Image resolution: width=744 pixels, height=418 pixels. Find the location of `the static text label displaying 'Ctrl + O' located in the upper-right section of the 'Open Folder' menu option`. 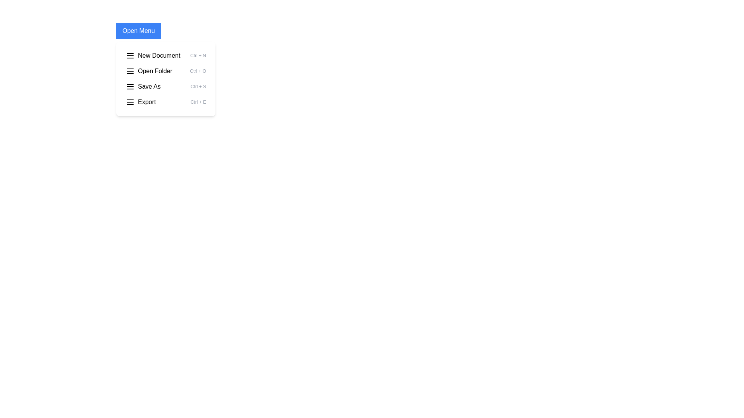

the static text label displaying 'Ctrl + O' located in the upper-right section of the 'Open Folder' menu option is located at coordinates (198, 71).